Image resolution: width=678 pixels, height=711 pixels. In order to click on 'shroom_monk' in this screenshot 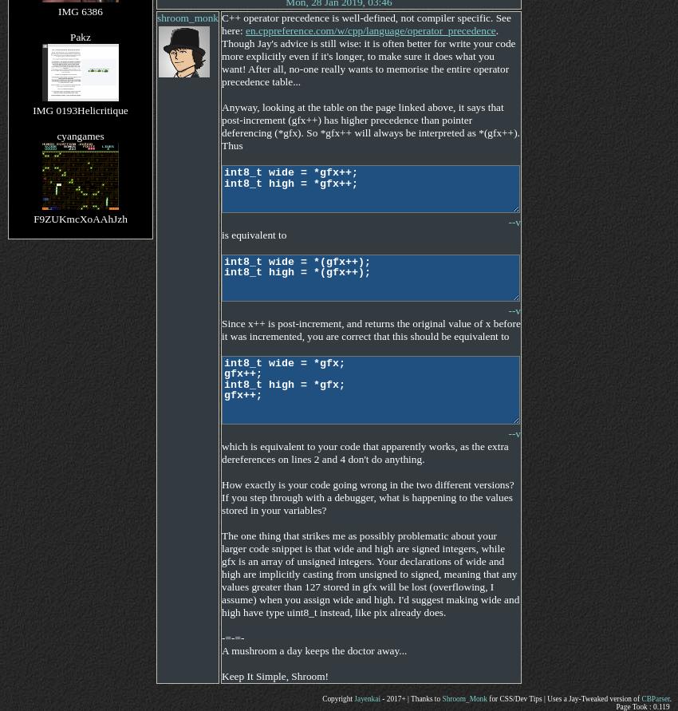, I will do `click(187, 18)`.